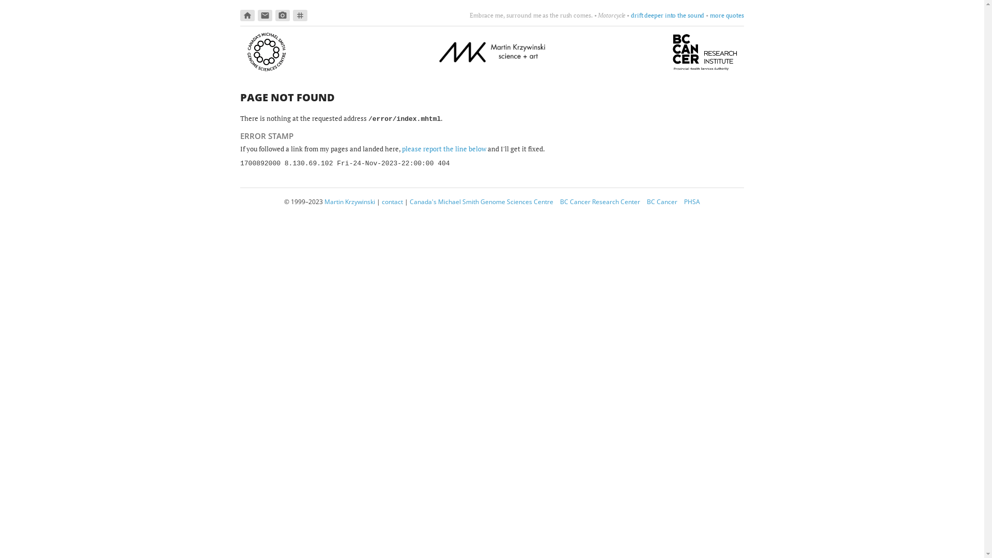  Describe the element at coordinates (283, 16) in the screenshot. I see `'photo_camera'` at that location.